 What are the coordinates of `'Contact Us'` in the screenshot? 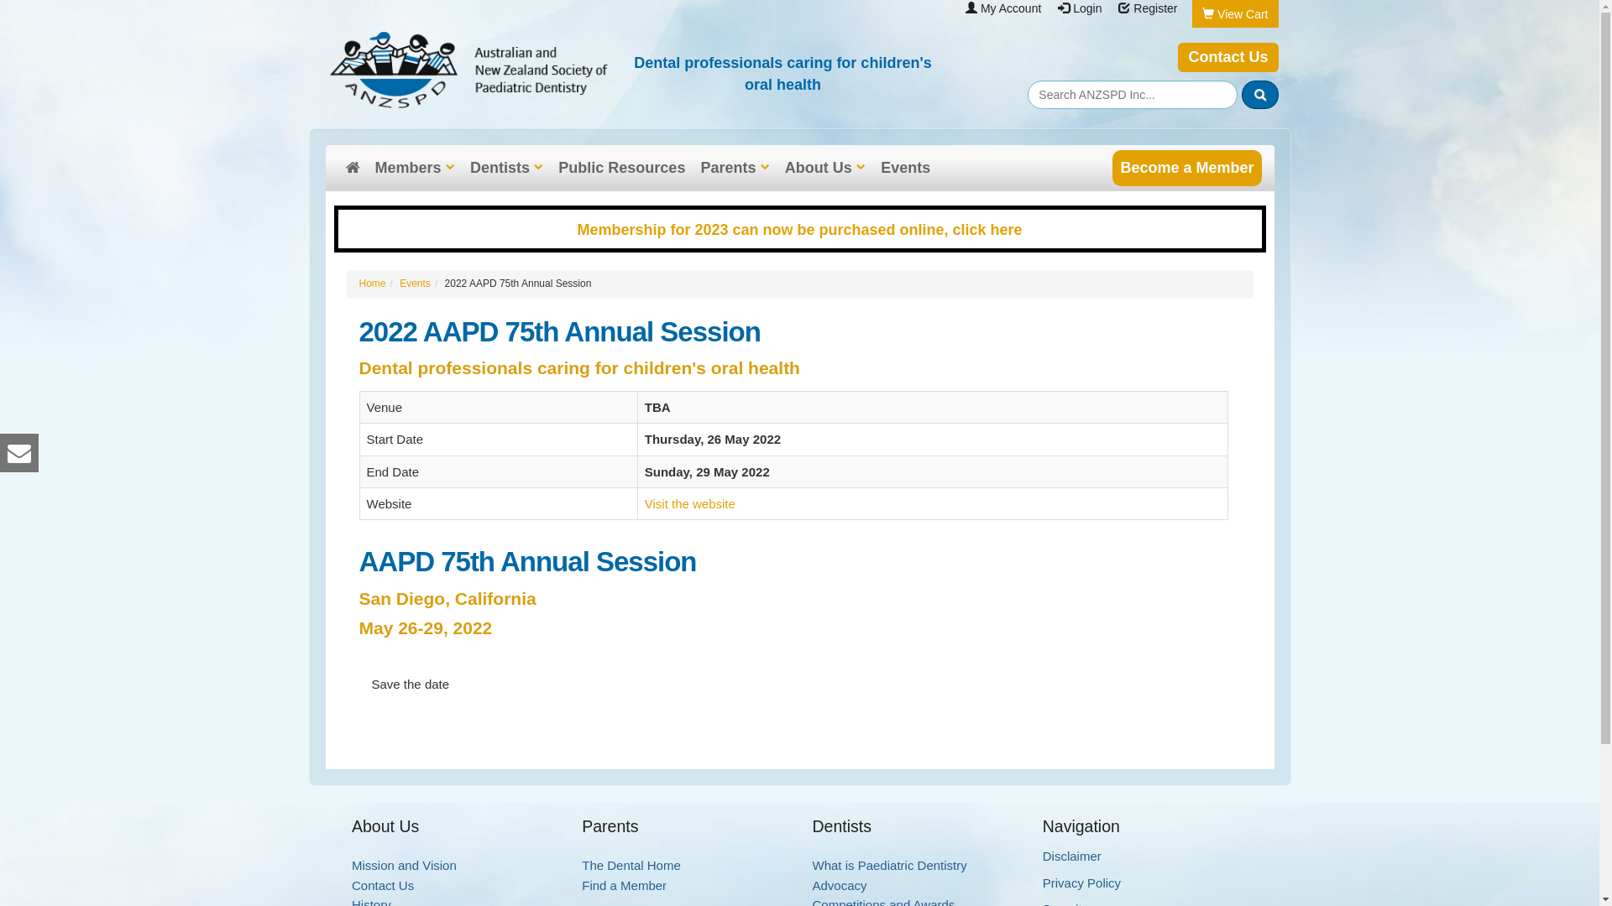 It's located at (382, 884).